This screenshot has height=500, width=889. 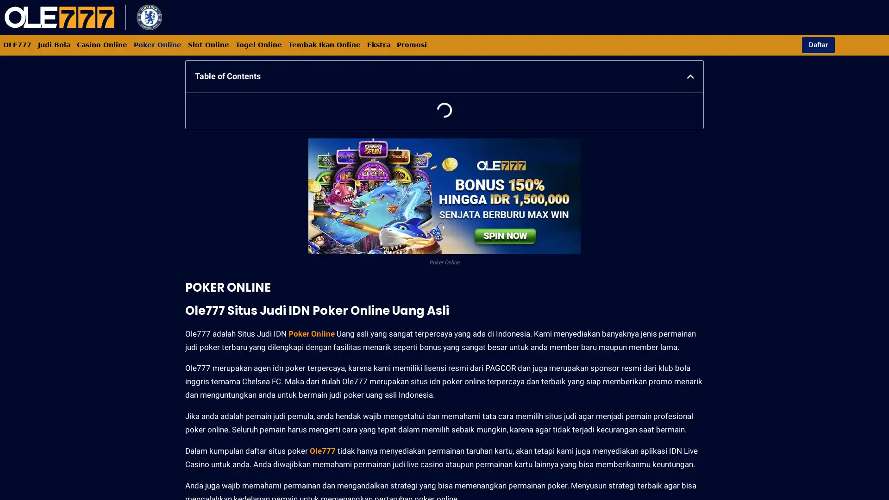 What do you see at coordinates (818, 44) in the screenshot?
I see `Daftar` at bounding box center [818, 44].